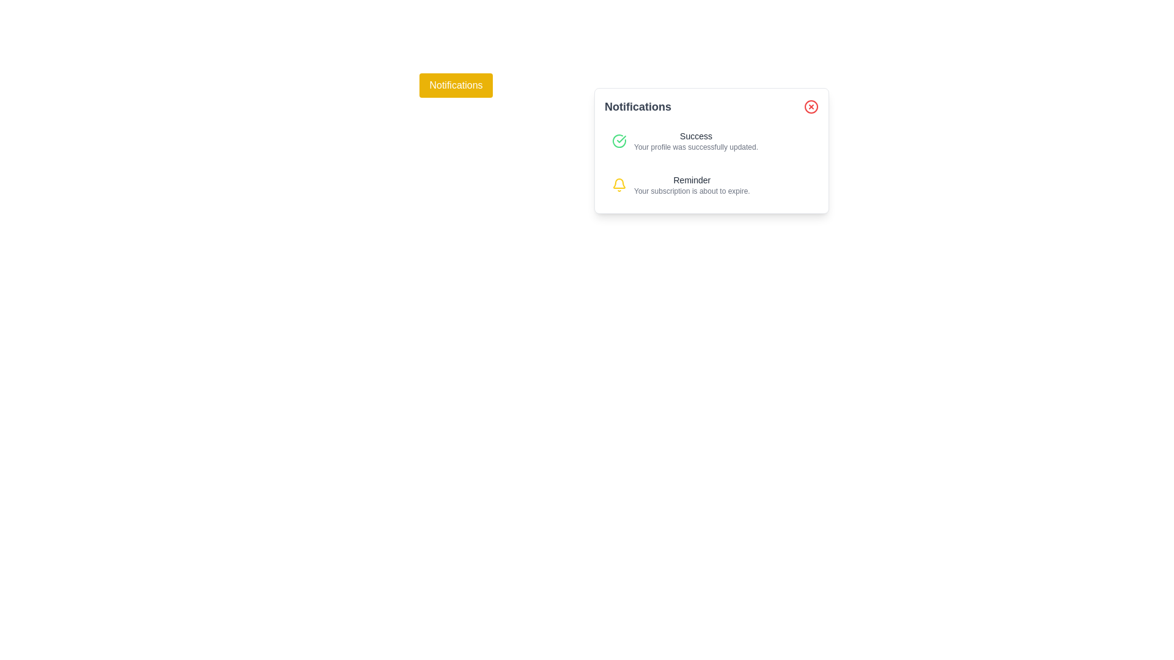 The width and height of the screenshot is (1174, 660). I want to click on the warning text label regarding subscription expiration, located below the 'Reminder' text within the notification card, so click(692, 191).